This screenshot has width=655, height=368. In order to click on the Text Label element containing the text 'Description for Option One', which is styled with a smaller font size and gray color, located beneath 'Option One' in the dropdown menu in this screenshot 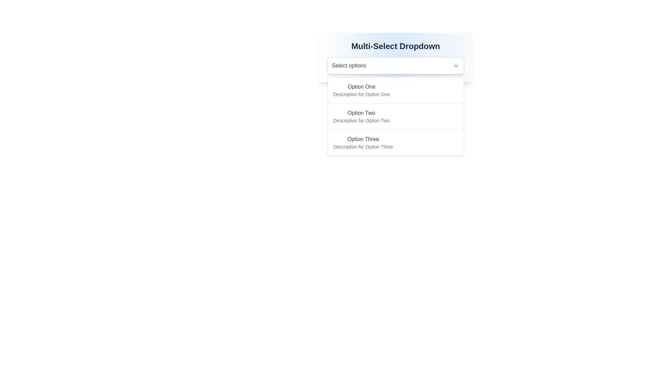, I will do `click(361, 94)`.